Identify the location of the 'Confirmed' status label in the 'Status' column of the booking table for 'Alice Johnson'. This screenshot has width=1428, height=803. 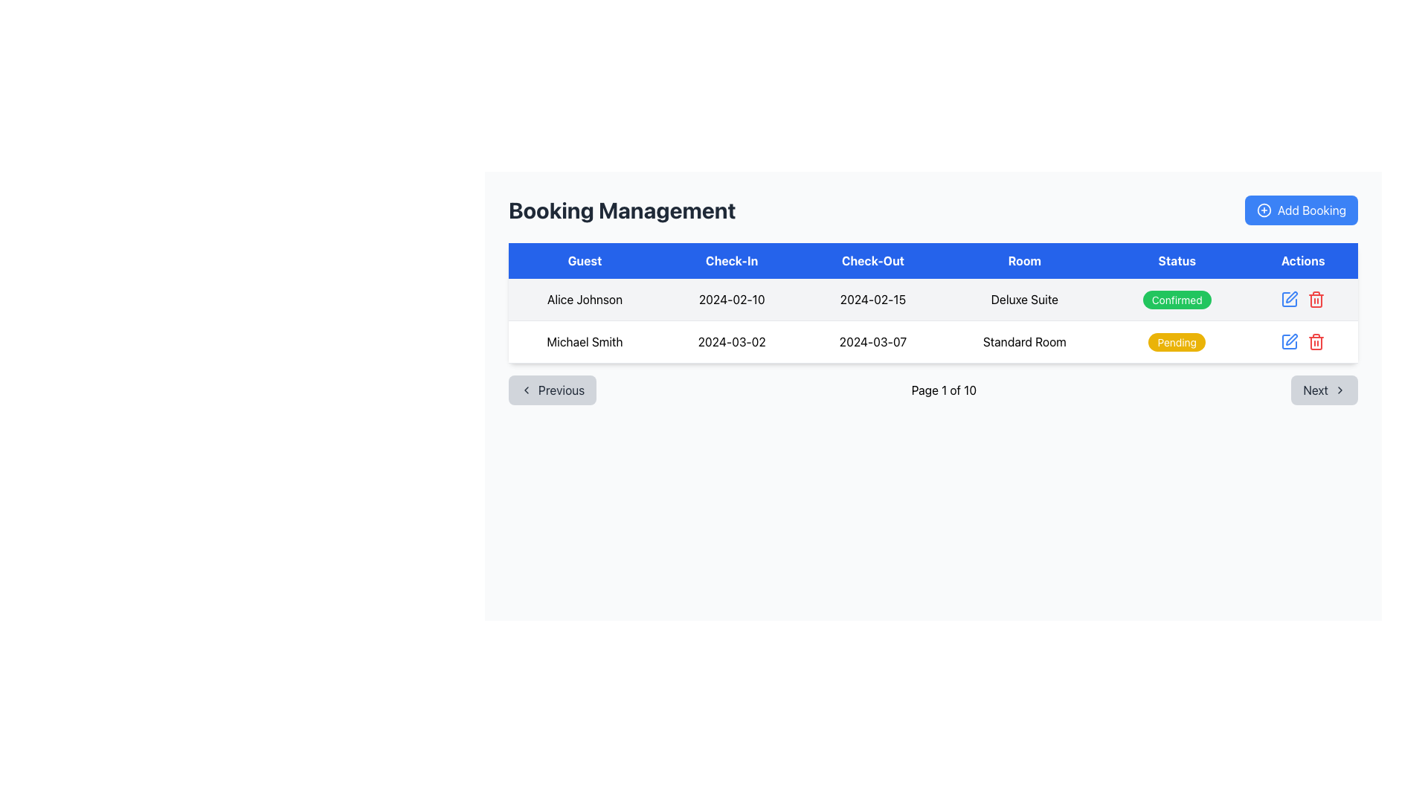
(1176, 300).